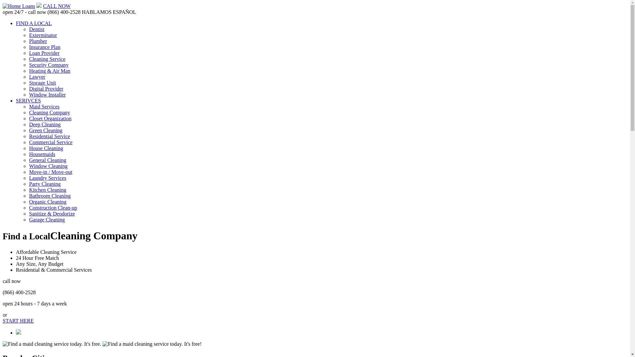  I want to click on 'Move-in / Move-out', so click(50, 172).